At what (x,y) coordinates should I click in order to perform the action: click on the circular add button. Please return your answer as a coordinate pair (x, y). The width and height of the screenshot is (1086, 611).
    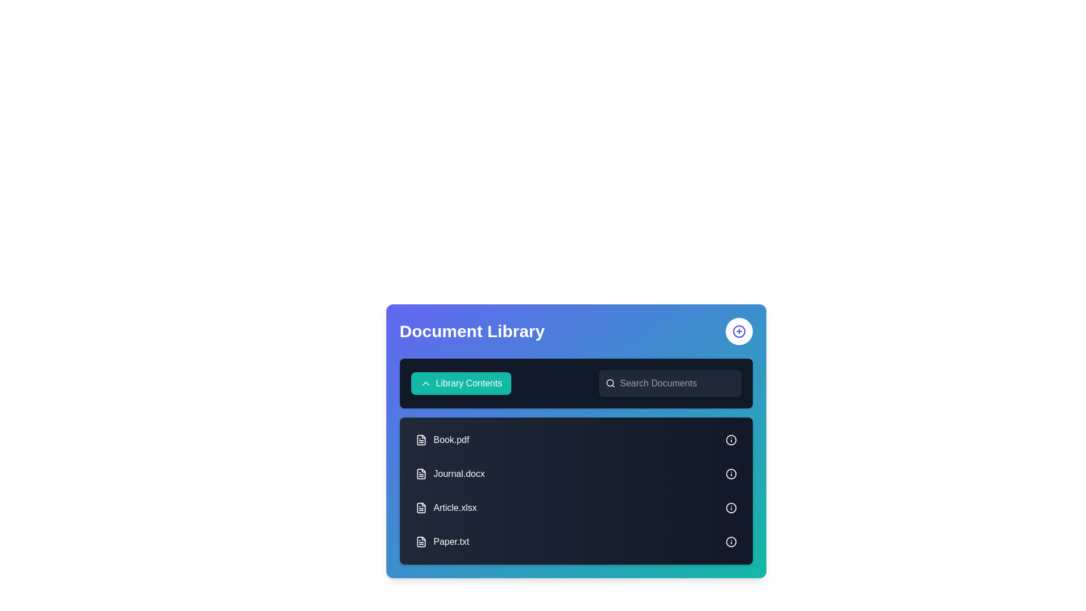
    Looking at the image, I should click on (739, 331).